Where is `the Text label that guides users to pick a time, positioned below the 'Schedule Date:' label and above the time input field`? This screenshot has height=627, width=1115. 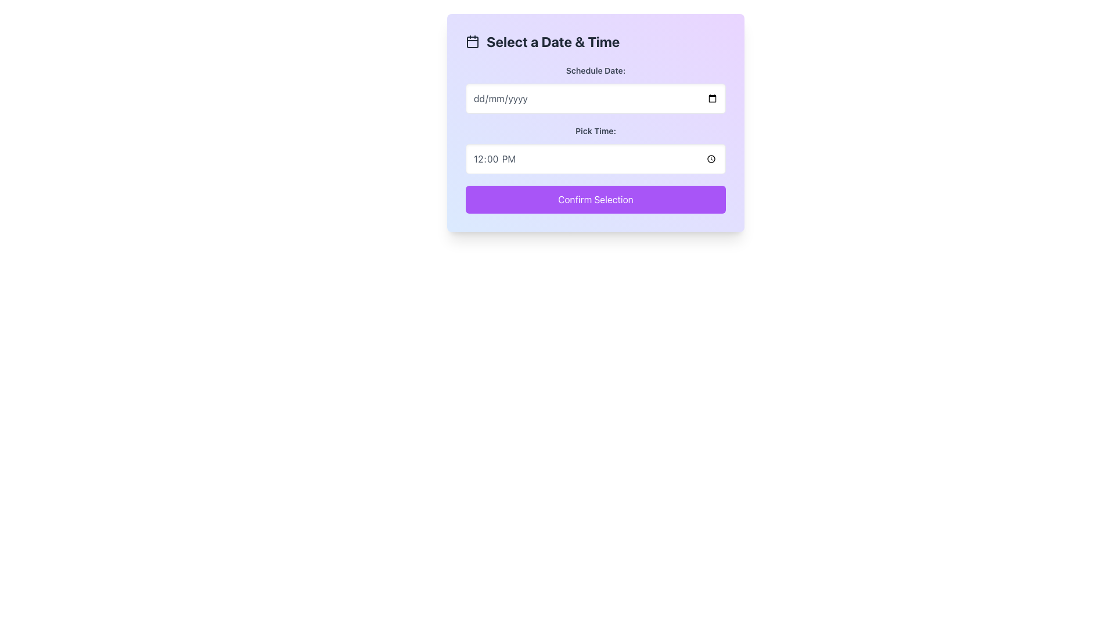 the Text label that guides users to pick a time, positioned below the 'Schedule Date:' label and above the time input field is located at coordinates (596, 131).